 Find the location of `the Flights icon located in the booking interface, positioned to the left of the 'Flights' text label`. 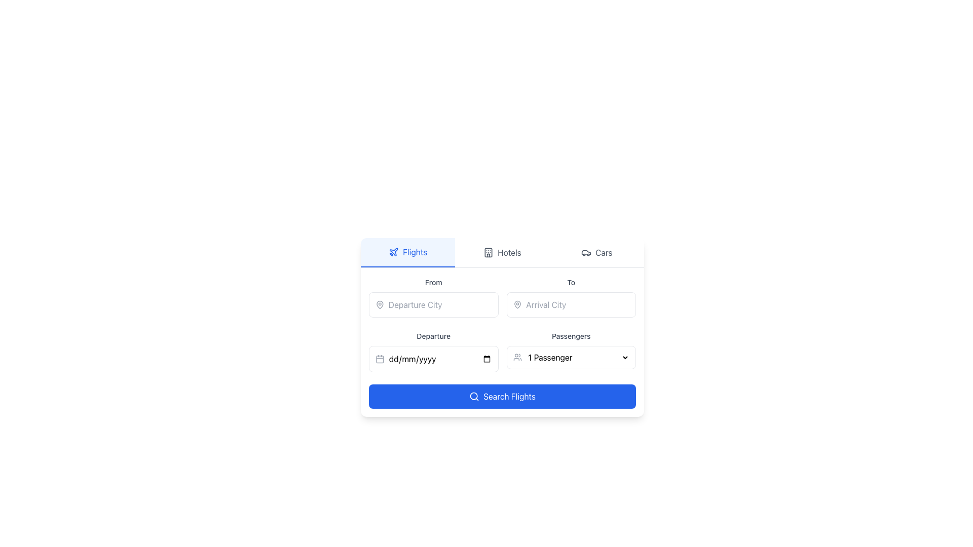

the Flights icon located in the booking interface, positioned to the left of the 'Flights' text label is located at coordinates (393, 251).